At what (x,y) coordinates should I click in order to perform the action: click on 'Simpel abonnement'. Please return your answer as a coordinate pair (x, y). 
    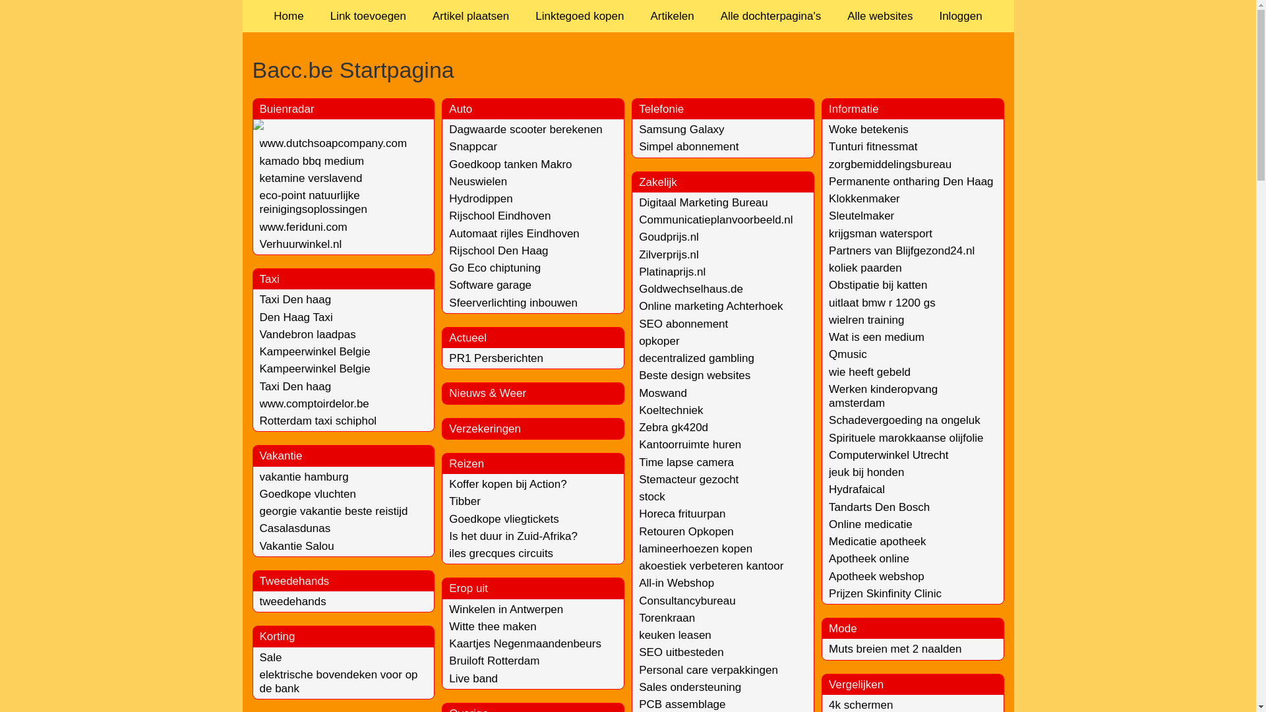
    Looking at the image, I should click on (688, 146).